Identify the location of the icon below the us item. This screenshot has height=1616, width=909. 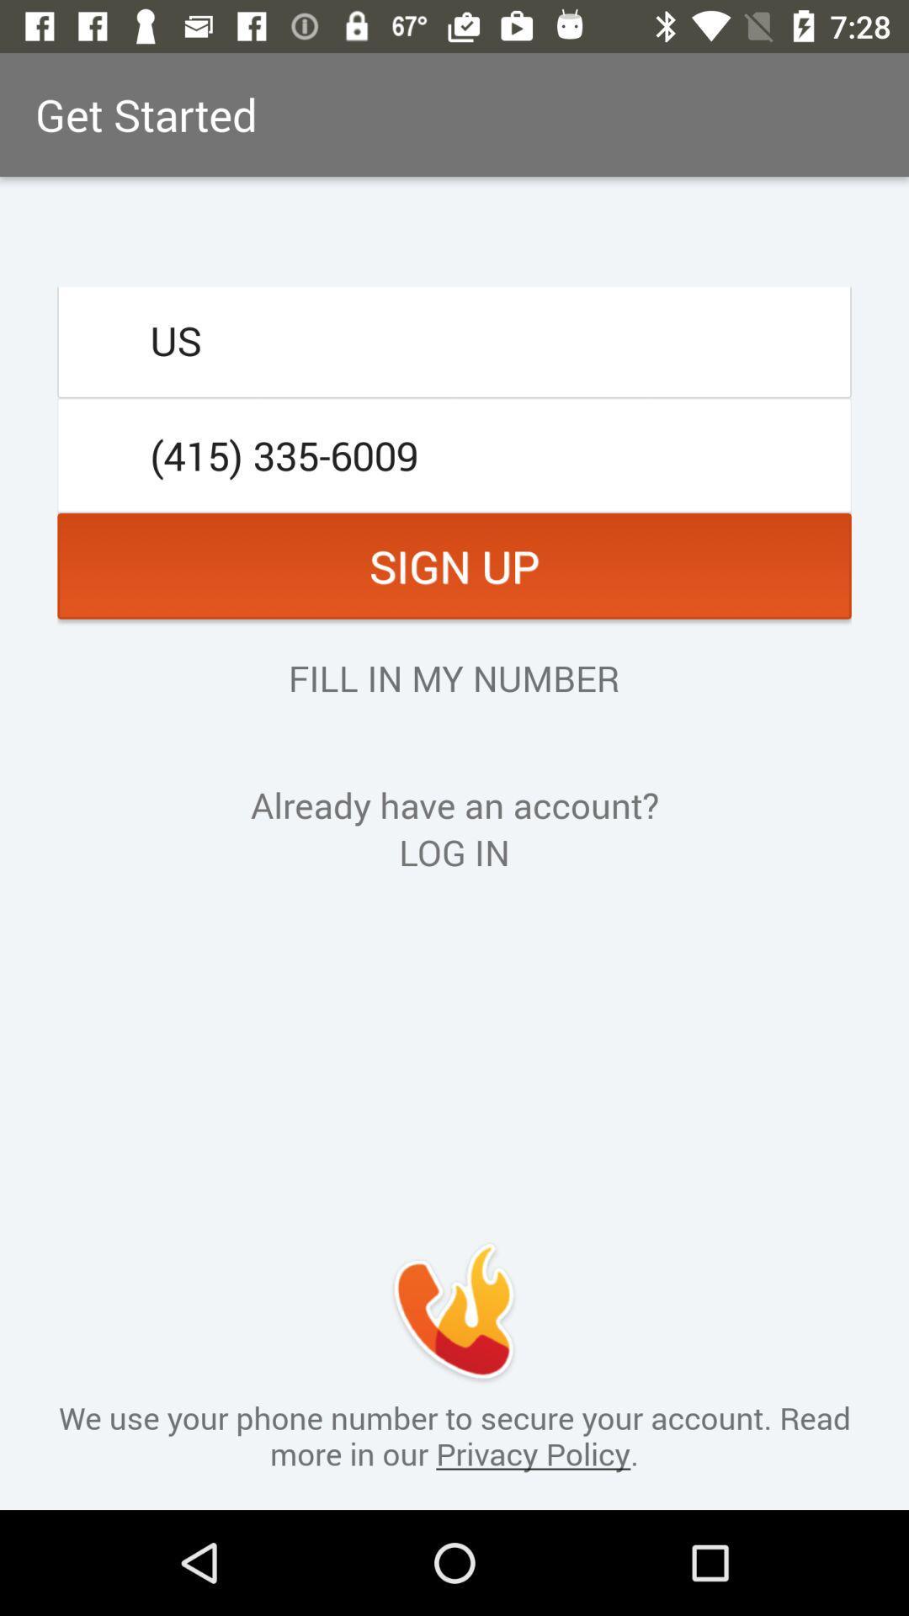
(454, 455).